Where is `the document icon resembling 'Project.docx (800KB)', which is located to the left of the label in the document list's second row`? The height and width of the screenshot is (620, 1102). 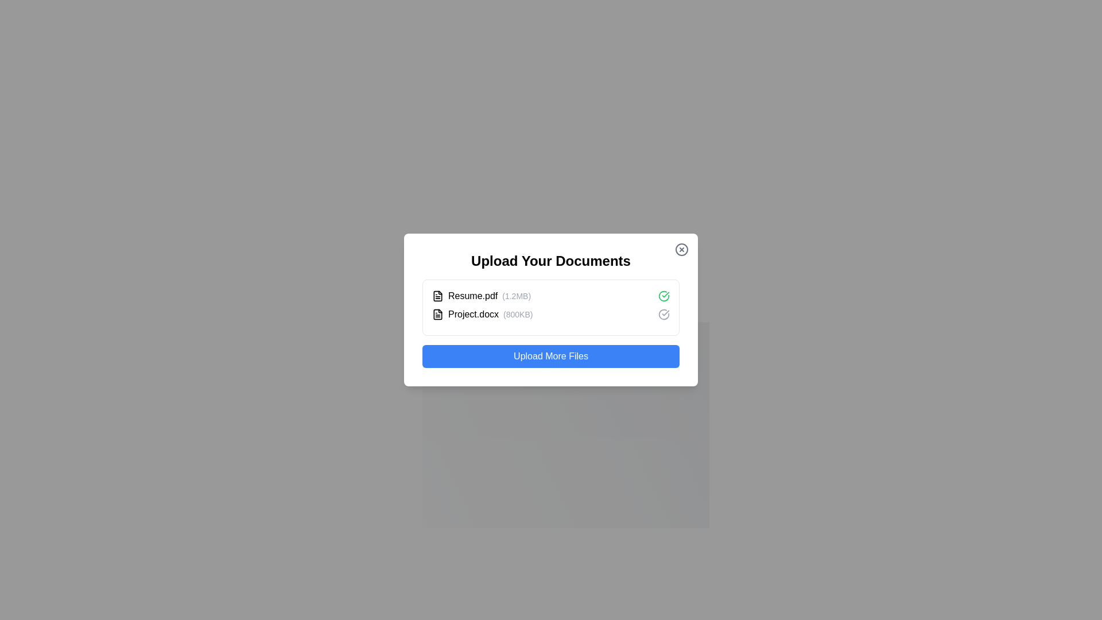
the document icon resembling 'Project.docx (800KB)', which is located to the left of the label in the document list's second row is located at coordinates (437, 314).